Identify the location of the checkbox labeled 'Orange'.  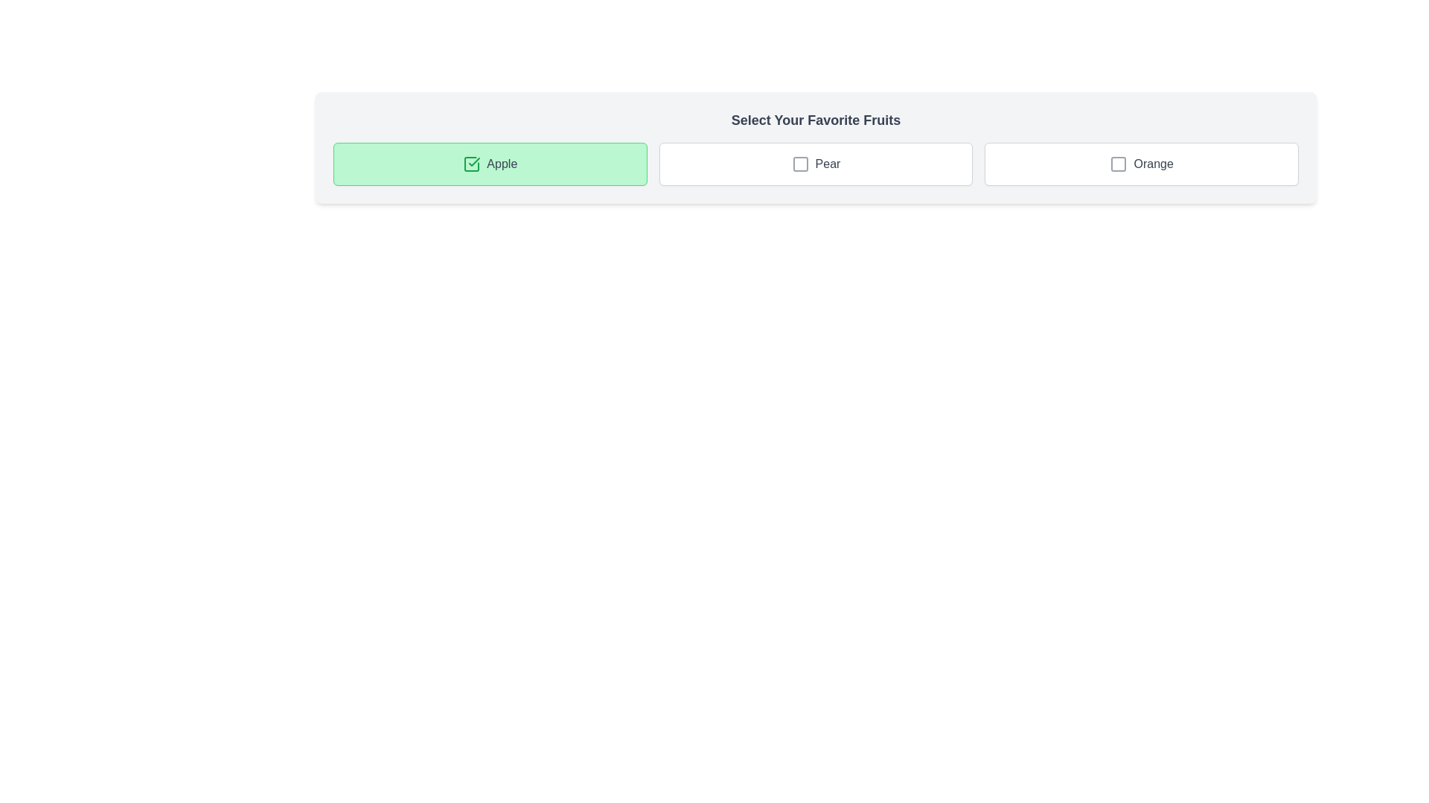
(1141, 164).